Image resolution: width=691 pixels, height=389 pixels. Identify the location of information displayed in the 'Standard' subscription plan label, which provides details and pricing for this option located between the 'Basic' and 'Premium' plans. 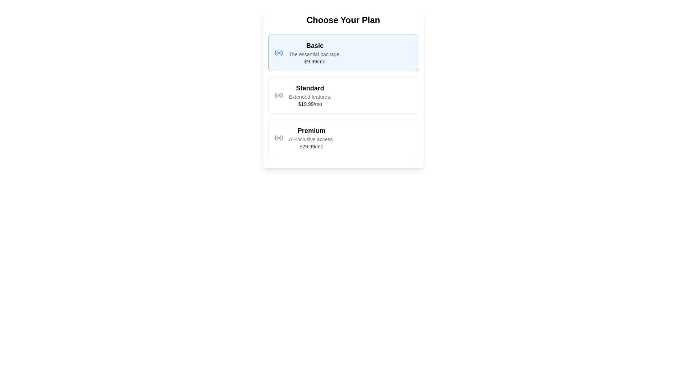
(310, 95).